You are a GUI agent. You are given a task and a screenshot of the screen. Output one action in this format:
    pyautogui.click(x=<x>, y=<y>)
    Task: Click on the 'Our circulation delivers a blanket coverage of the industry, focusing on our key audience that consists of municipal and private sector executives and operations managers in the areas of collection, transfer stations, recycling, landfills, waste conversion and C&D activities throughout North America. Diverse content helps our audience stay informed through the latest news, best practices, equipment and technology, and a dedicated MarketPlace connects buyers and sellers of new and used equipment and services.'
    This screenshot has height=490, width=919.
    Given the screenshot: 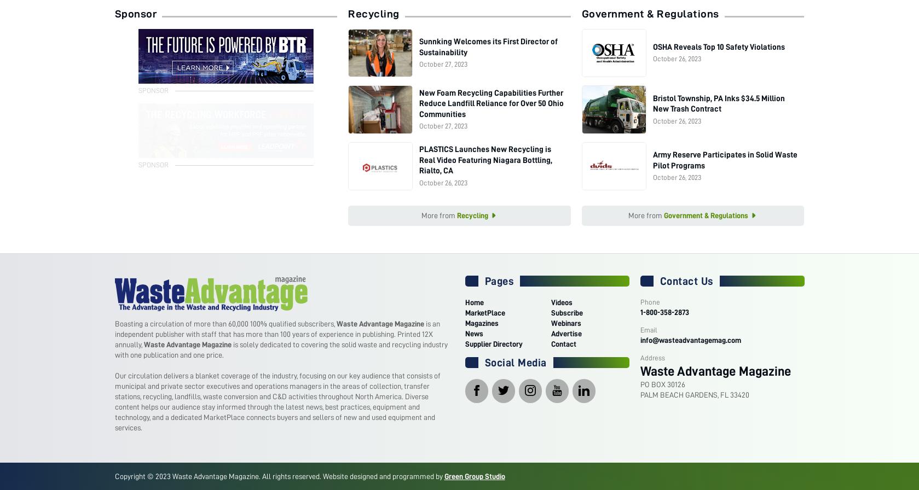 What is the action you would take?
    pyautogui.click(x=277, y=401)
    